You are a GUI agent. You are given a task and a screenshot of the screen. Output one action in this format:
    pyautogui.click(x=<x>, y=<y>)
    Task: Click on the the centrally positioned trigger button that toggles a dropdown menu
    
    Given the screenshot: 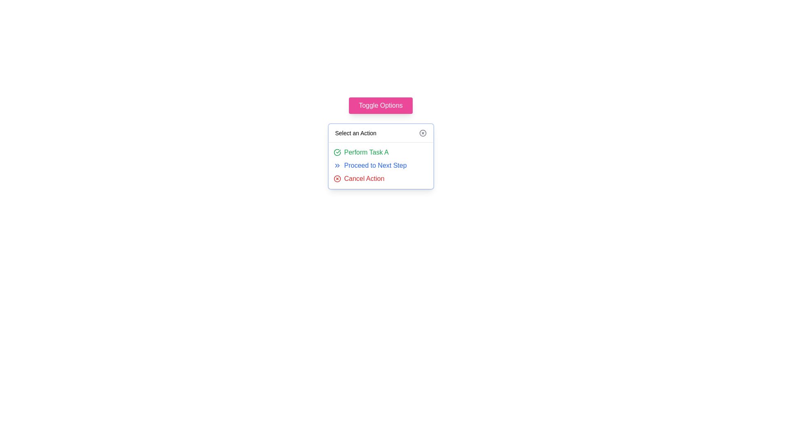 What is the action you would take?
    pyautogui.click(x=380, y=105)
    